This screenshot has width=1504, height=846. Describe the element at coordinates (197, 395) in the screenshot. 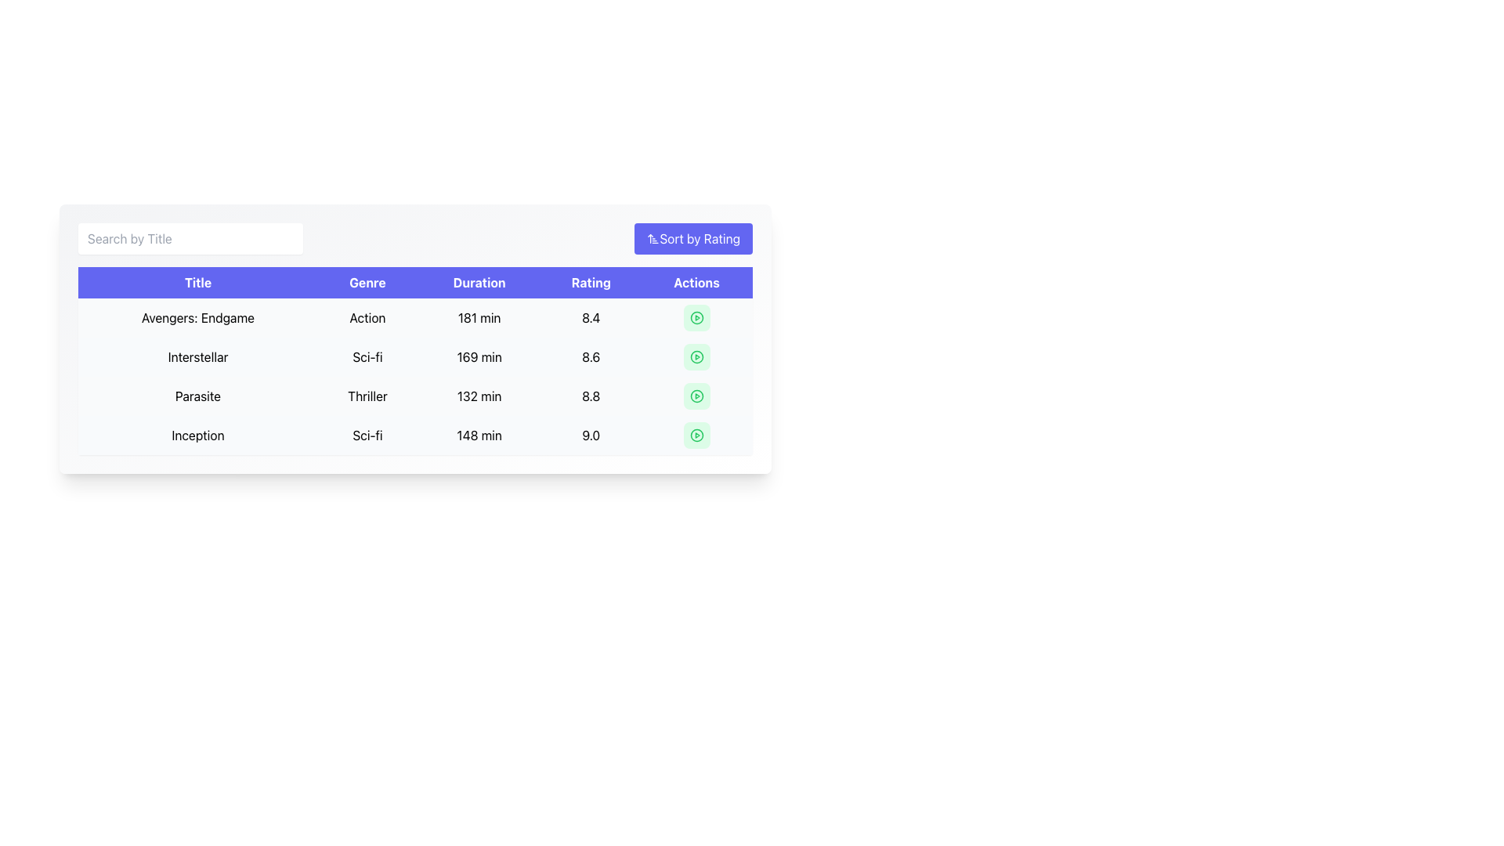

I see `static text label for the movie entry located in the third row under the 'Title' column, which is positioned above 'Inception' and below 'Interstellar'` at that location.